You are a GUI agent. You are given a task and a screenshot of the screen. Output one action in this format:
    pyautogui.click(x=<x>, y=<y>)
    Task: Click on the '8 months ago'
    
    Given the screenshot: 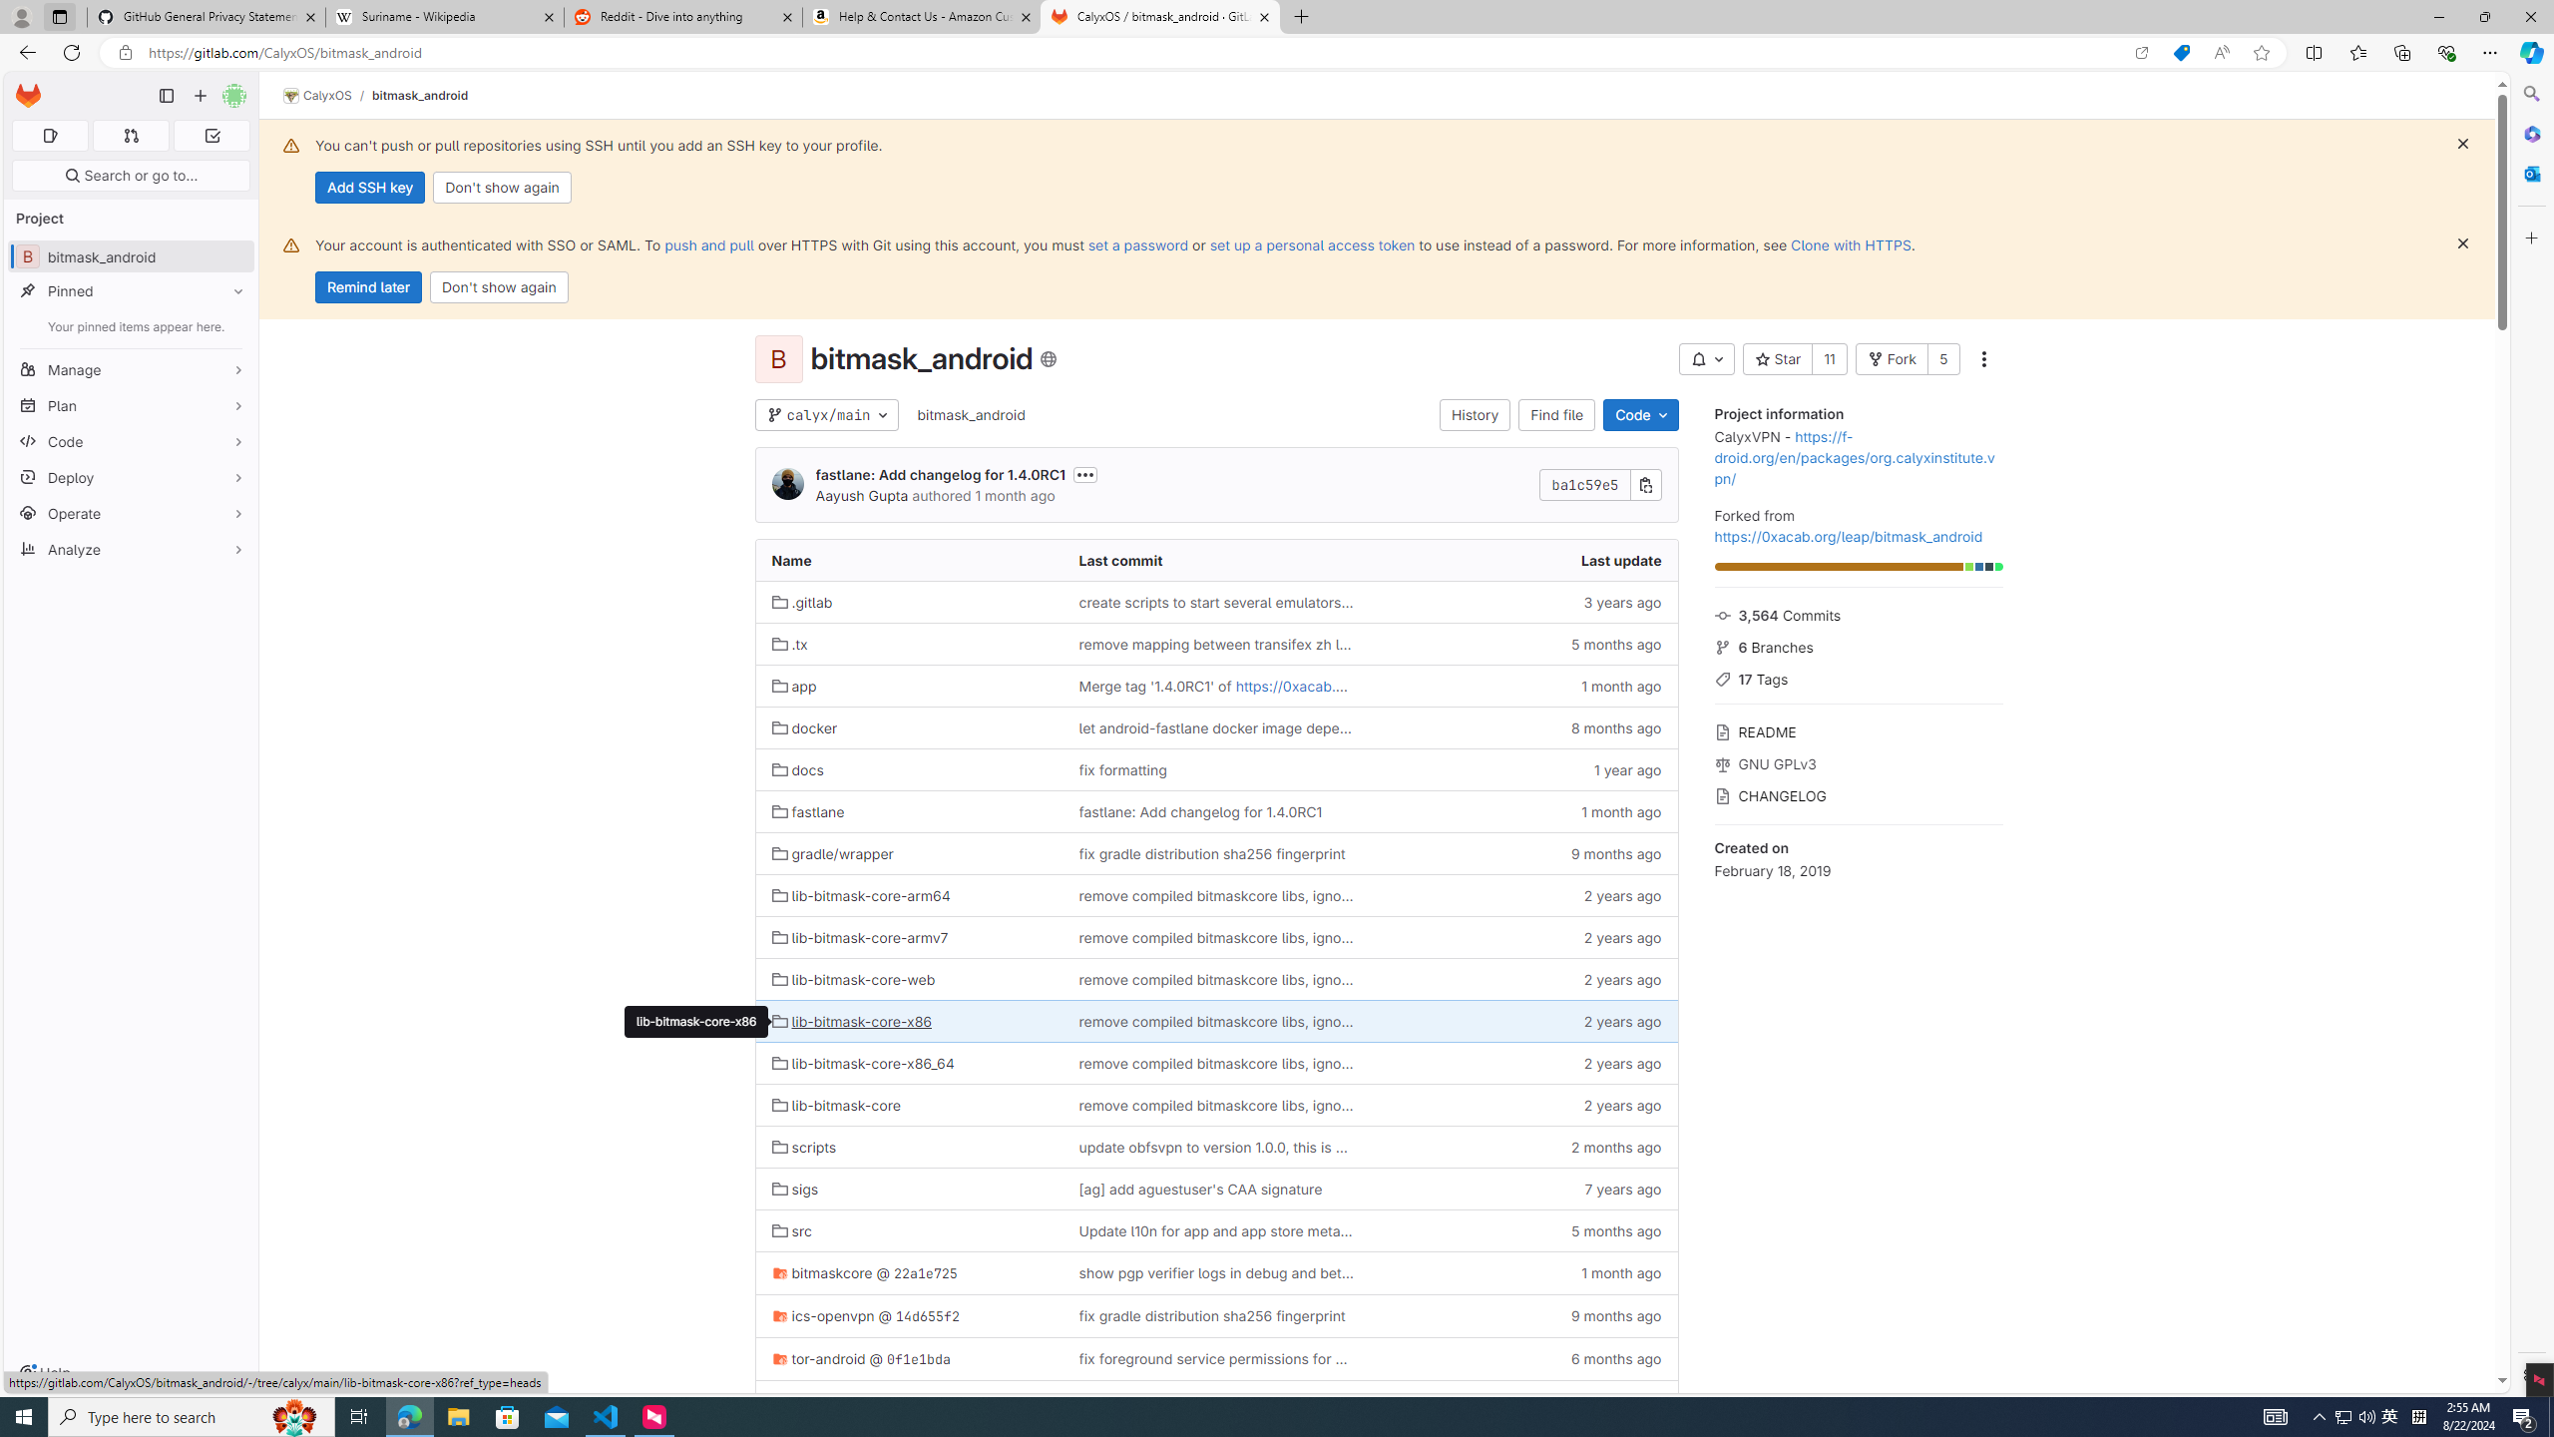 What is the action you would take?
    pyautogui.click(x=1522, y=727)
    